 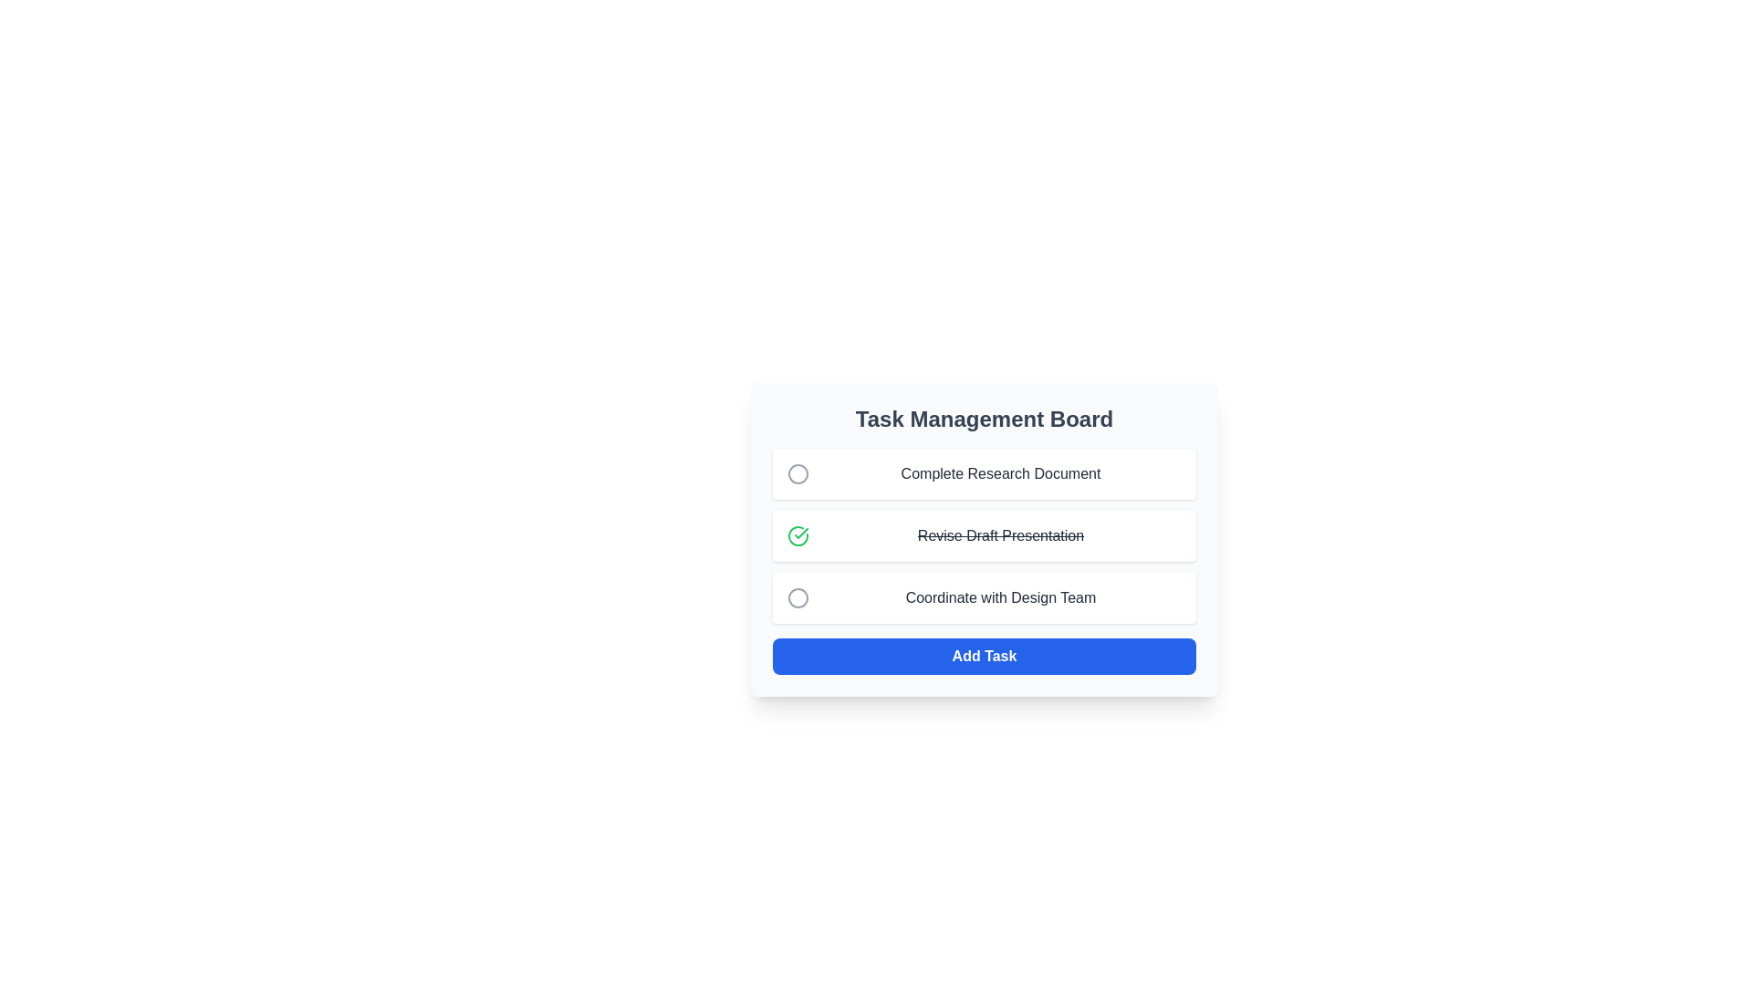 I want to click on the task title text by moving the cursor to its center, so click(x=984, y=419).